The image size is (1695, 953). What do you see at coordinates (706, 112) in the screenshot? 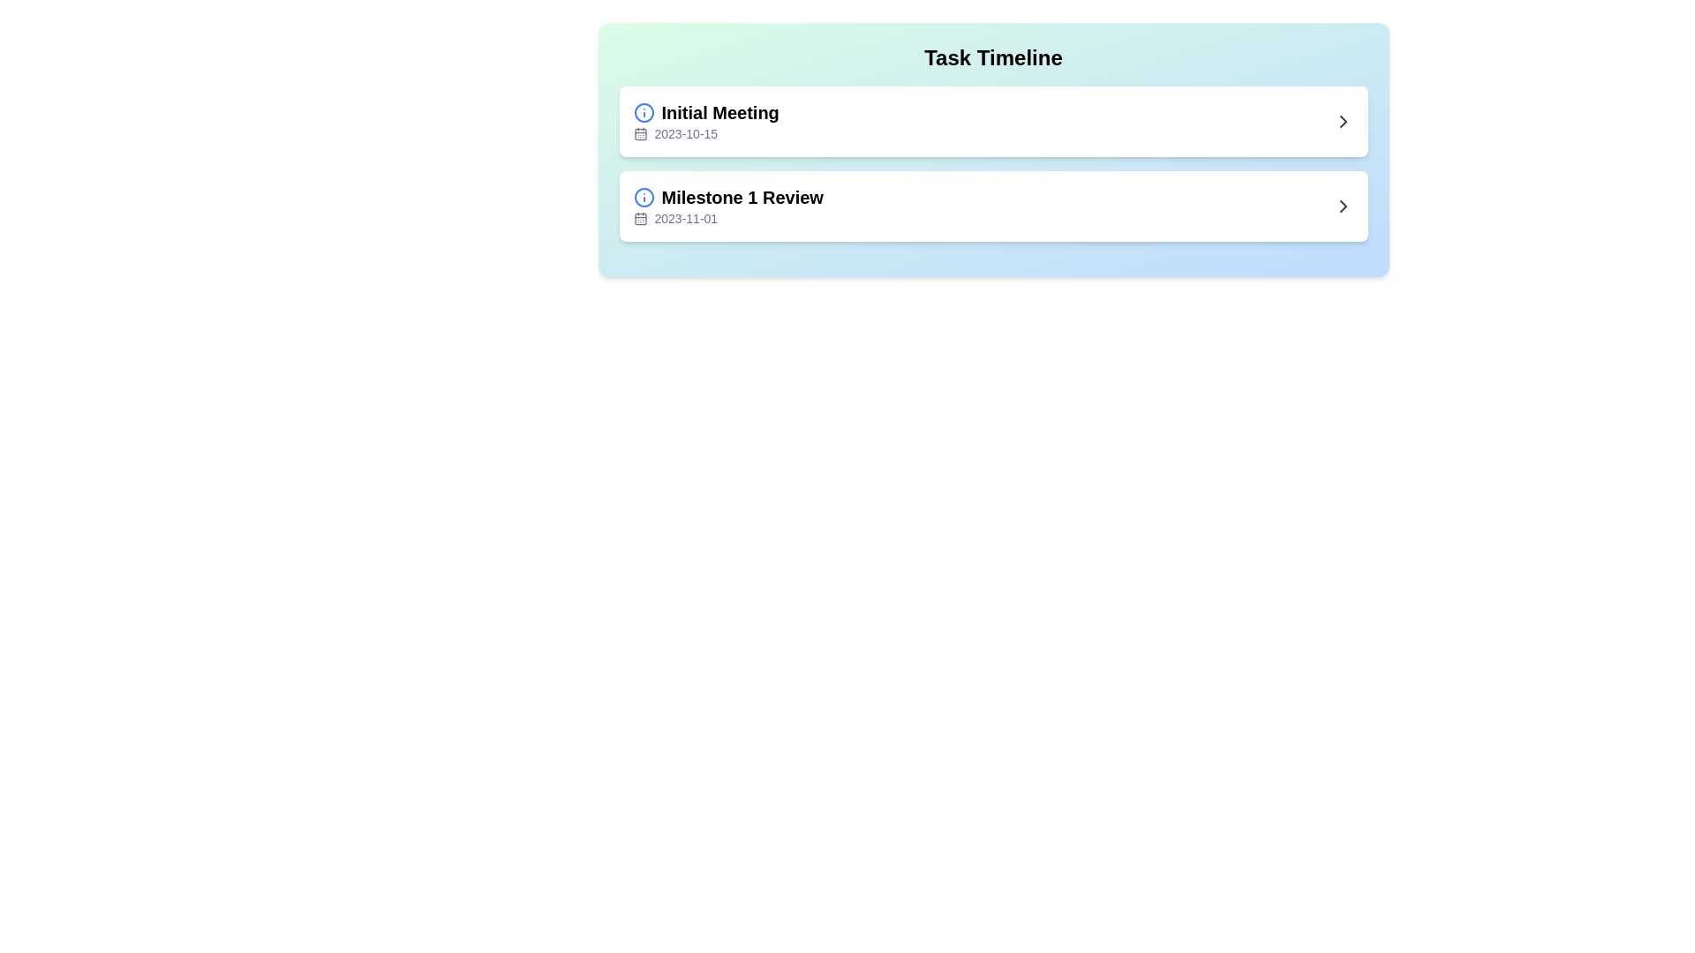
I see `the text label that serves as the title for a specific timeline item or event for accessibility navigation` at bounding box center [706, 112].